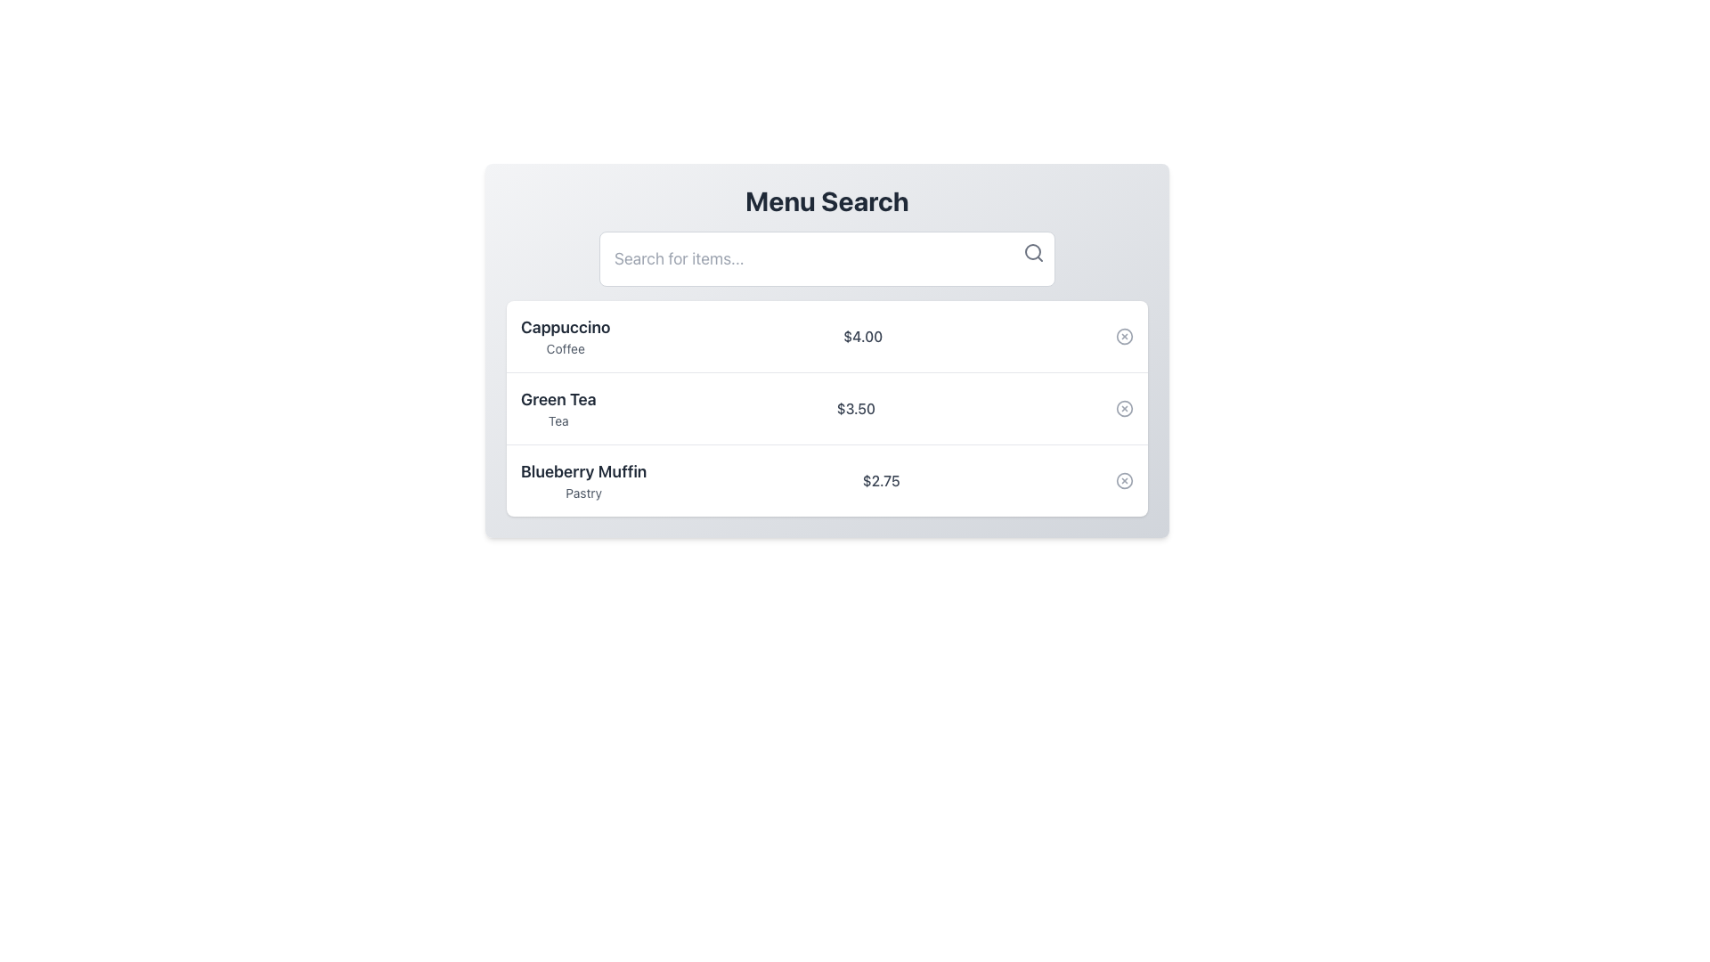 This screenshot has width=1710, height=962. What do you see at coordinates (565, 327) in the screenshot?
I see `the text label displaying 'Cappuccino', which is positioned above the 'Coffee' label in a vertically stacked list` at bounding box center [565, 327].